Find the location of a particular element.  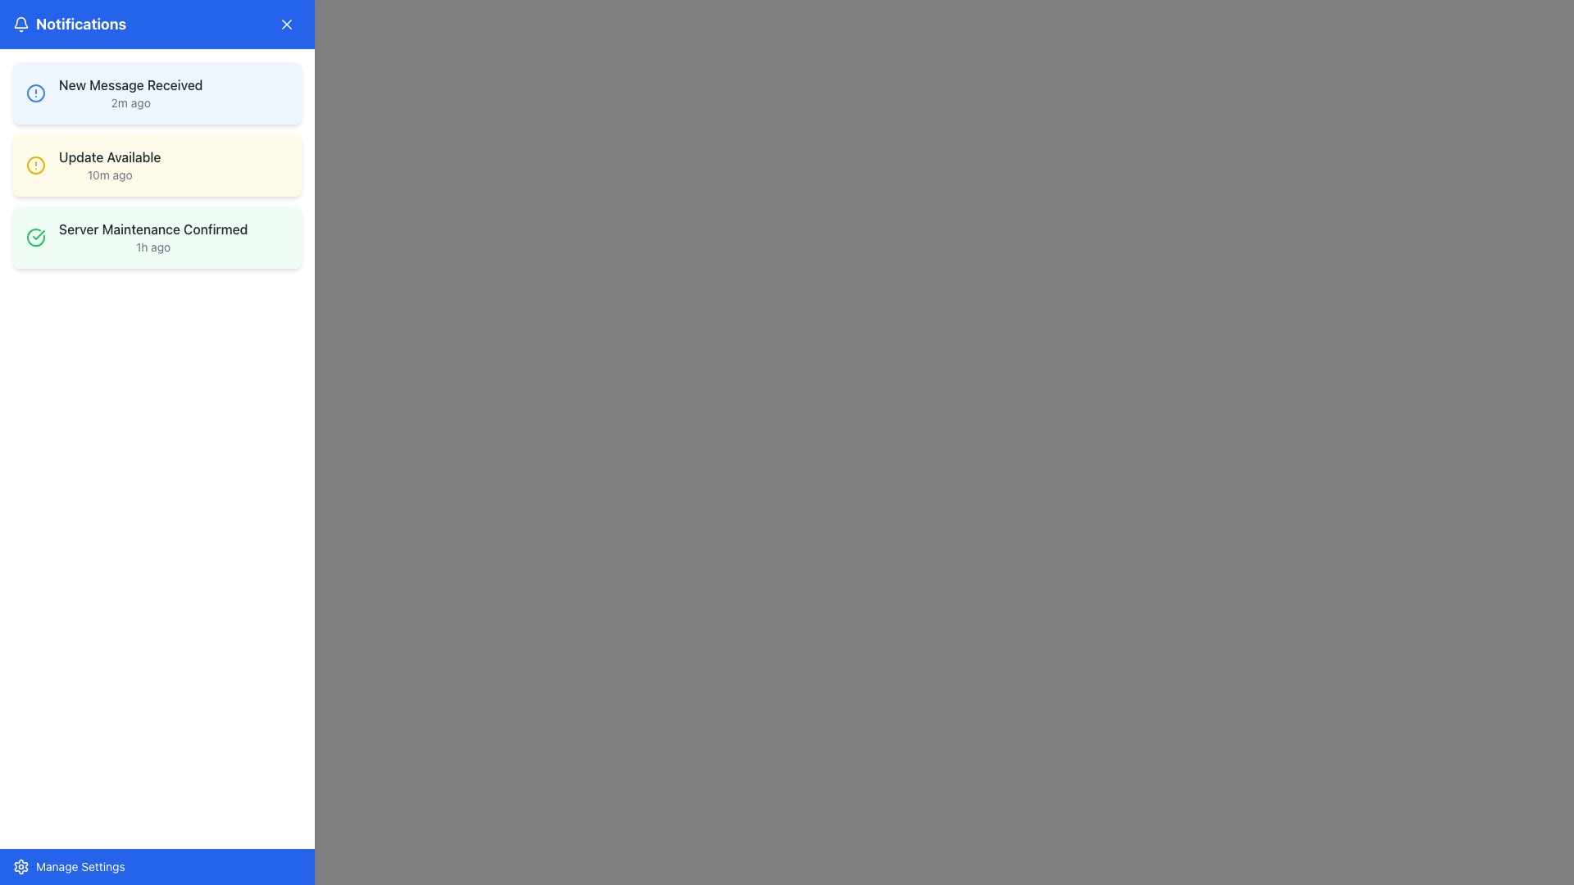

the second notification card in the vertical list, which displays information about an update being available and the time passed since it was posted is located at coordinates (157, 165).